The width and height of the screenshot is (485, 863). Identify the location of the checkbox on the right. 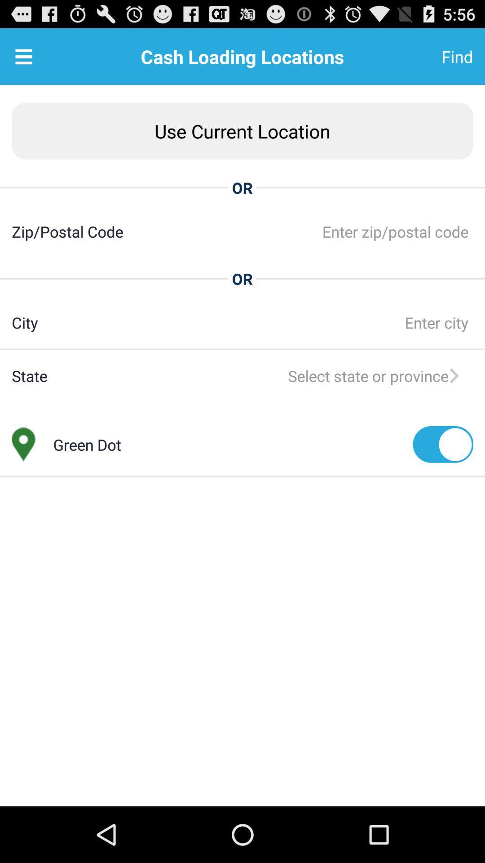
(442, 444).